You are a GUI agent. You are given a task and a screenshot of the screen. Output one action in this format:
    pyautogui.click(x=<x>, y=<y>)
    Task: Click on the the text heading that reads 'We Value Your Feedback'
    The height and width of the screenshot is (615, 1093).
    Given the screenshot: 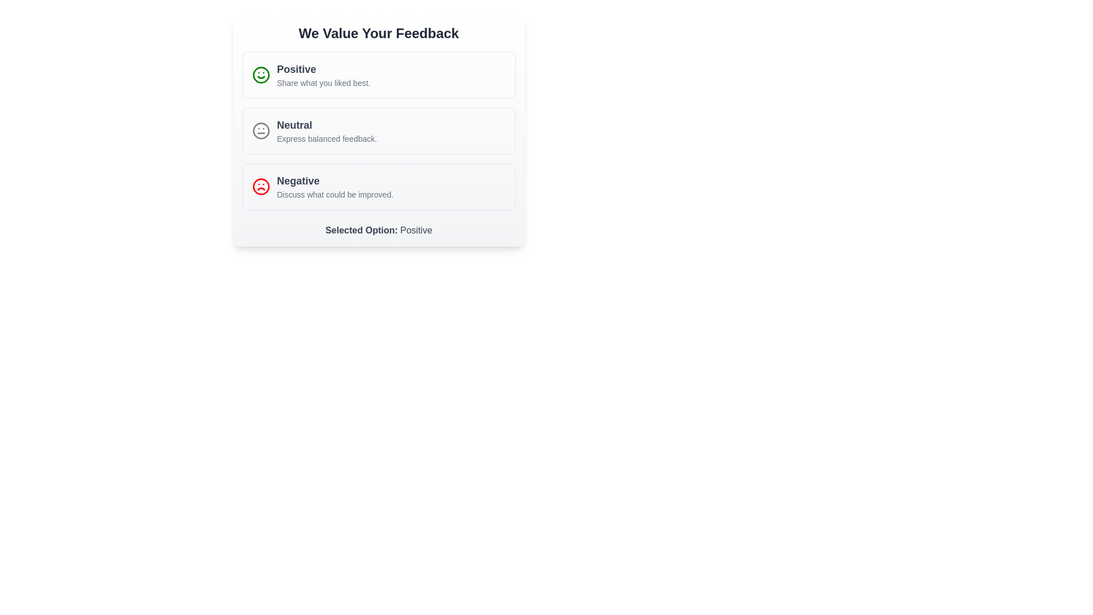 What is the action you would take?
    pyautogui.click(x=379, y=32)
    